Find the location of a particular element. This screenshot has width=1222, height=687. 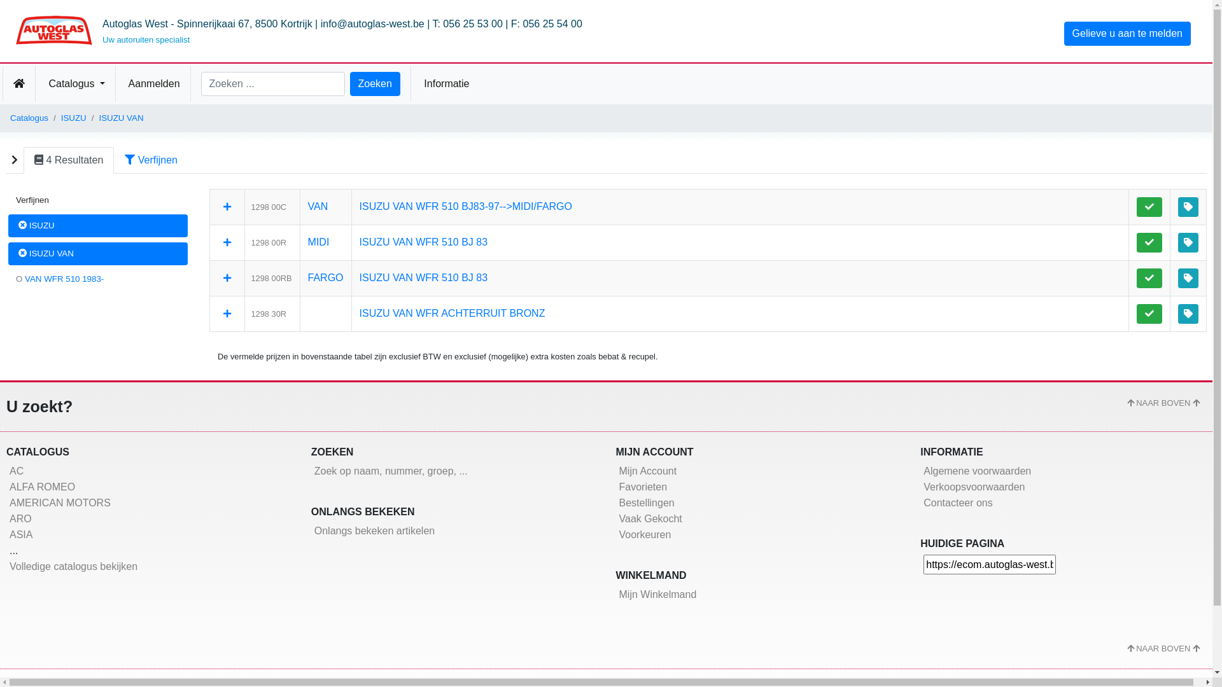

'Mijn Account' is located at coordinates (647, 471).